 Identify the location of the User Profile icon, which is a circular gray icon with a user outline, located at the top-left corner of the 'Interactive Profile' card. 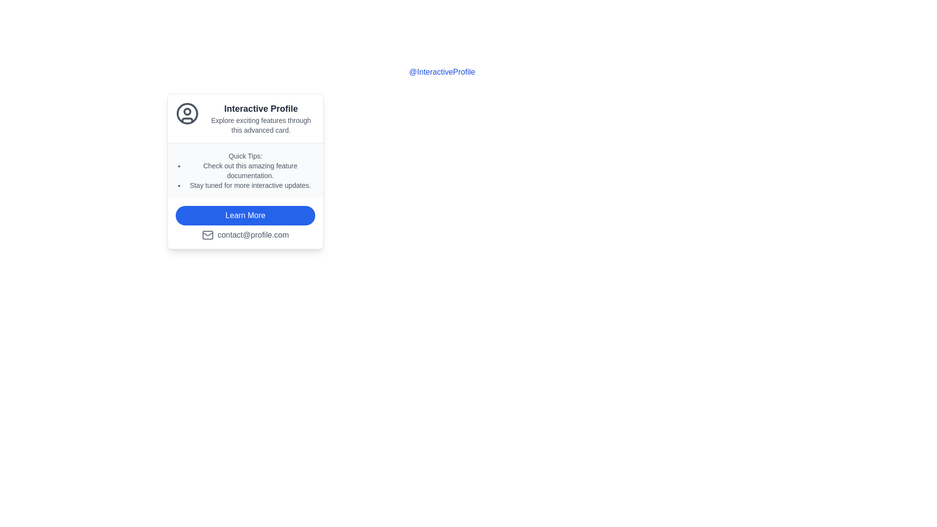
(187, 113).